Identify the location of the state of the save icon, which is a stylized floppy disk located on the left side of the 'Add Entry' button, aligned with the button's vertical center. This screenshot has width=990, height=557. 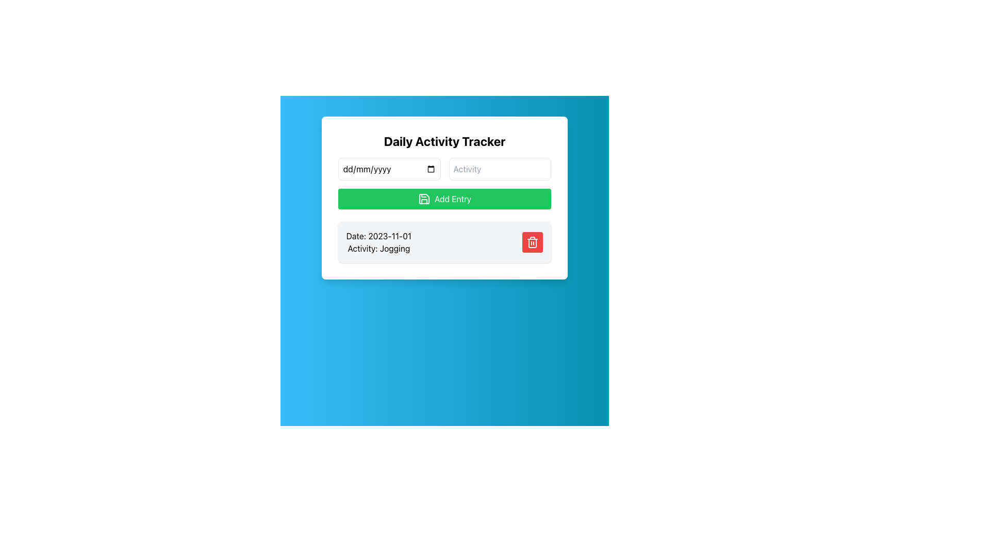
(424, 199).